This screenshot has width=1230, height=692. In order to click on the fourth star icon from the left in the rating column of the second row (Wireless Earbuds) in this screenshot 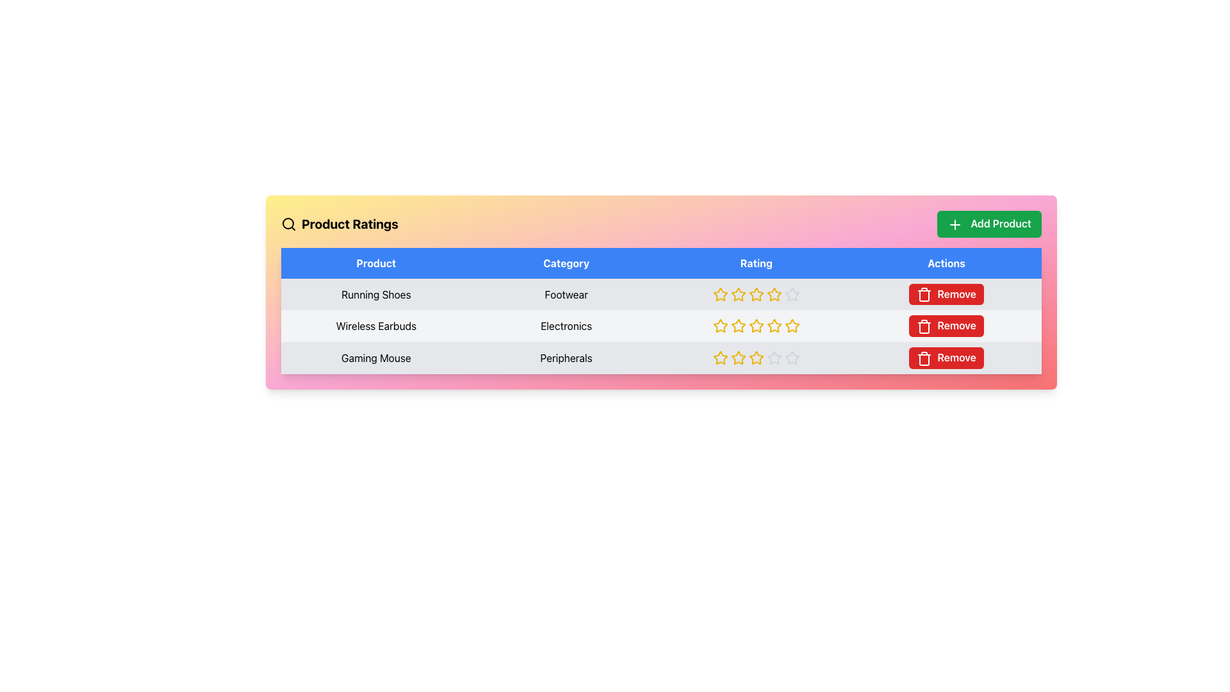, I will do `click(756, 325)`.